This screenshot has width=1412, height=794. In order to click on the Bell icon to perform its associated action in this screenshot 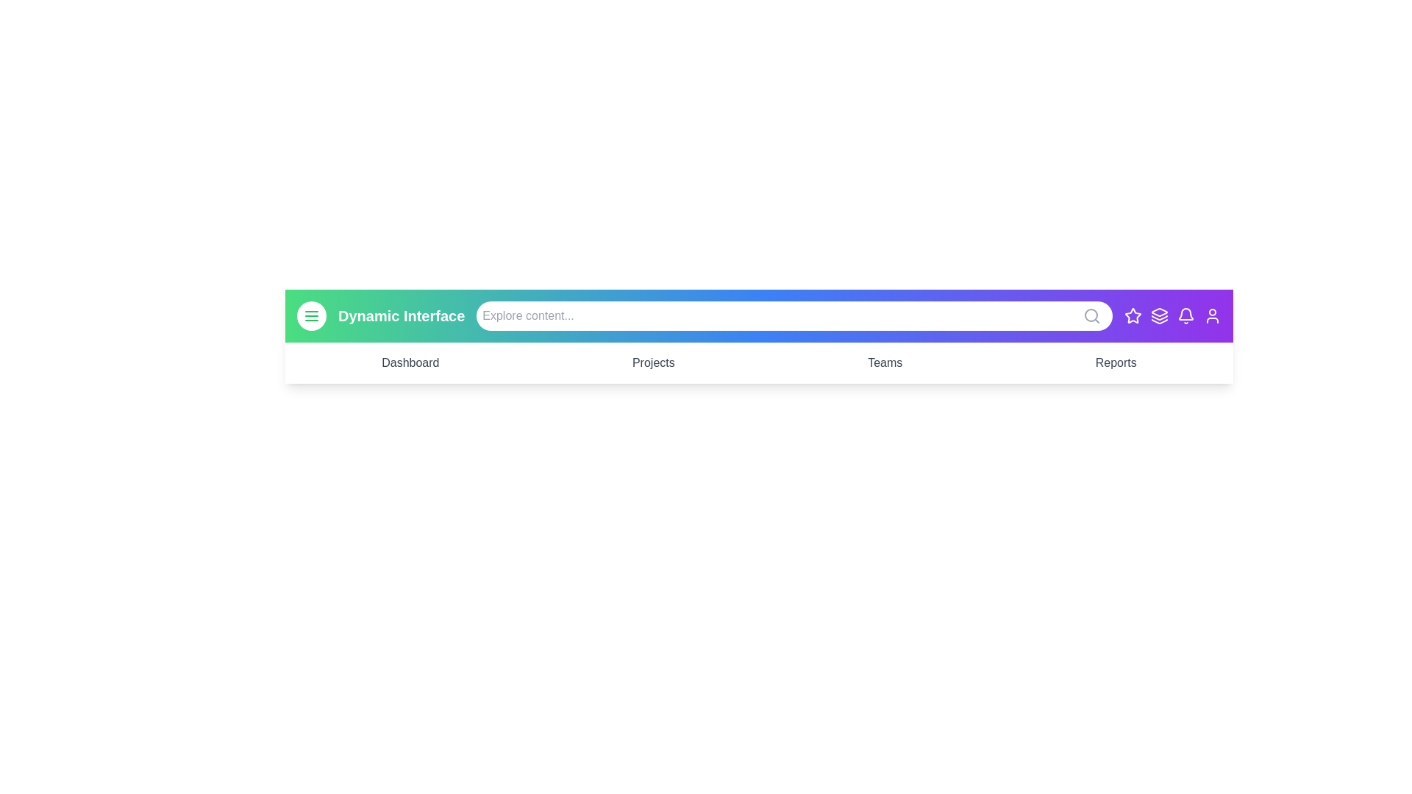, I will do `click(1185, 315)`.